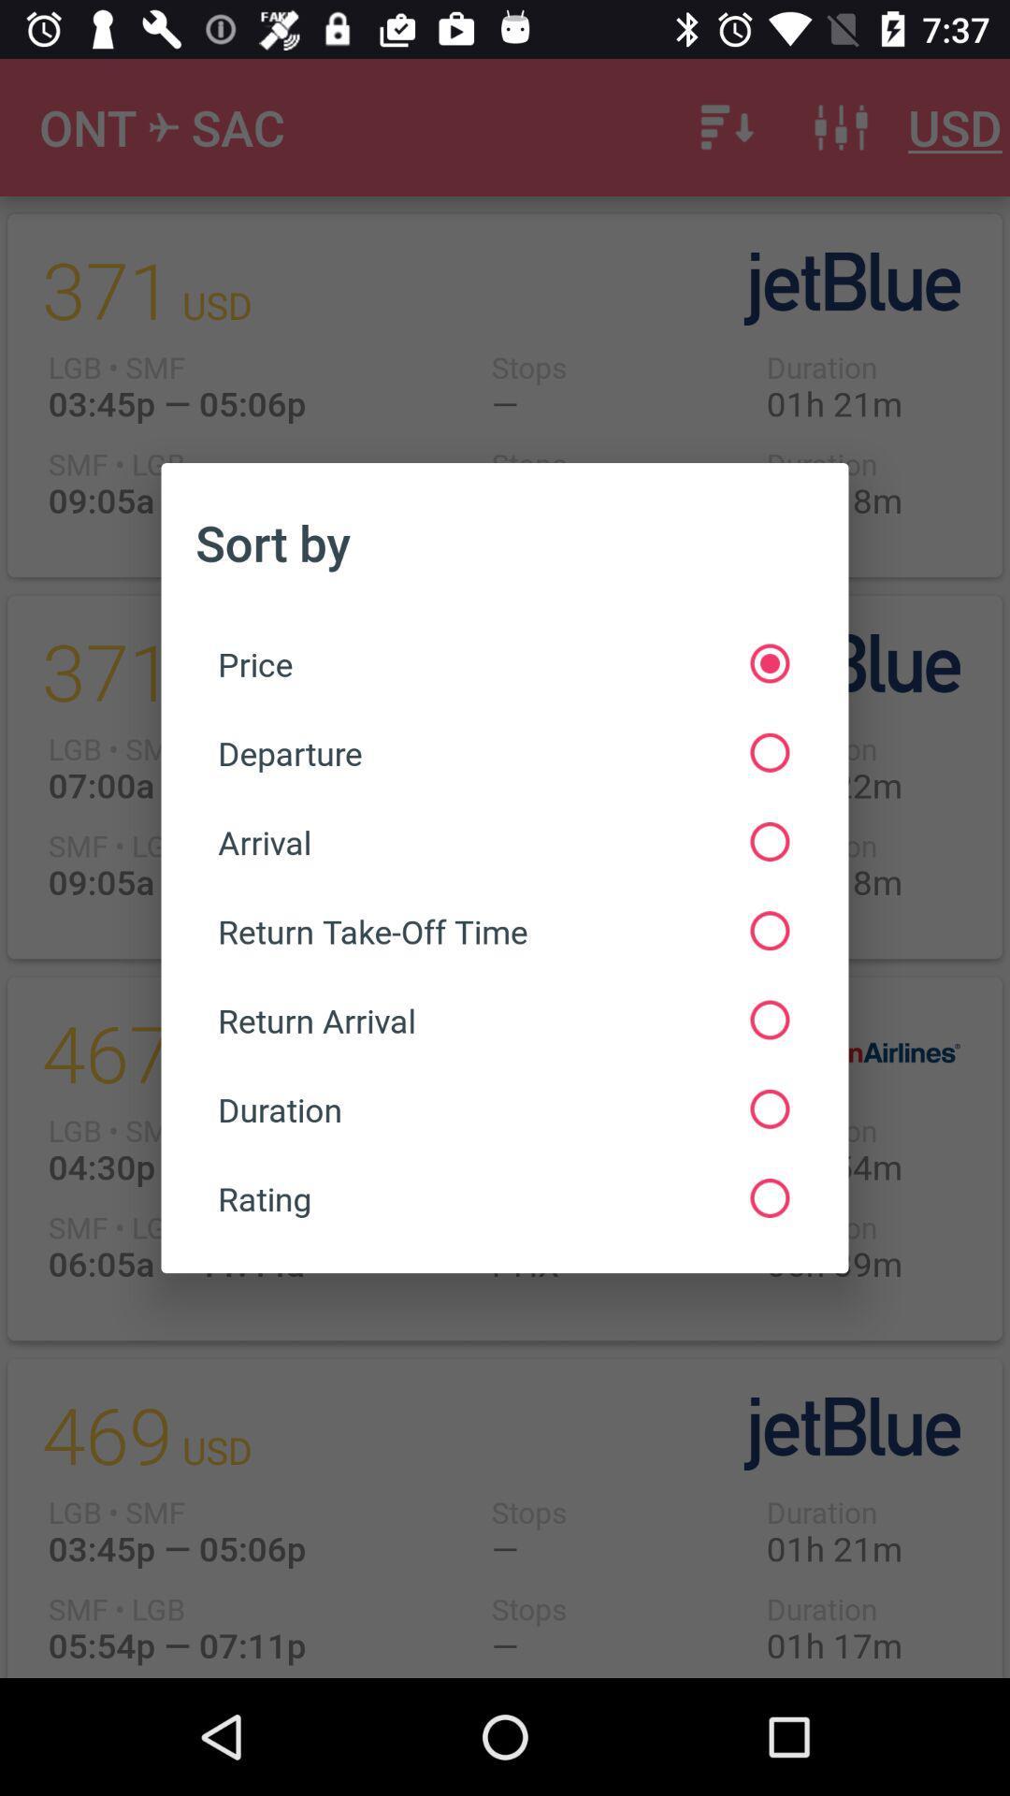 The height and width of the screenshot is (1796, 1010). I want to click on departure, so click(502, 753).